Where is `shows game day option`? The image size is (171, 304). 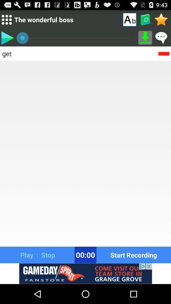
shows game day option is located at coordinates (85, 273).